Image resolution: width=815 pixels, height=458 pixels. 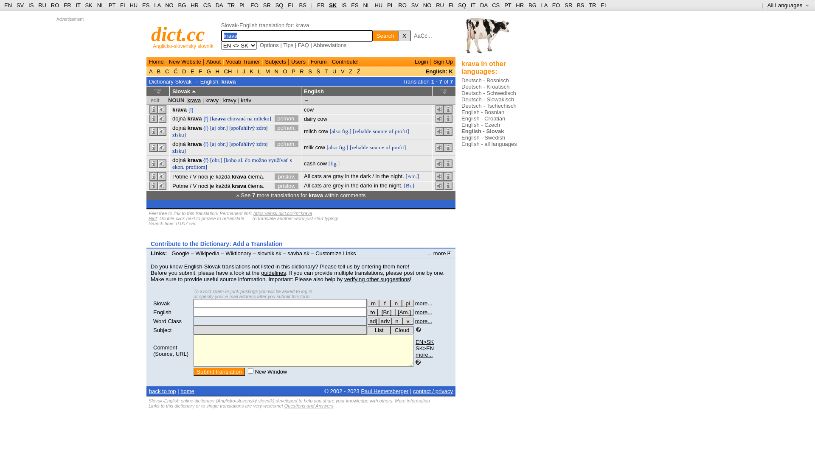 What do you see at coordinates (397, 35) in the screenshot?
I see `'X'` at bounding box center [397, 35].